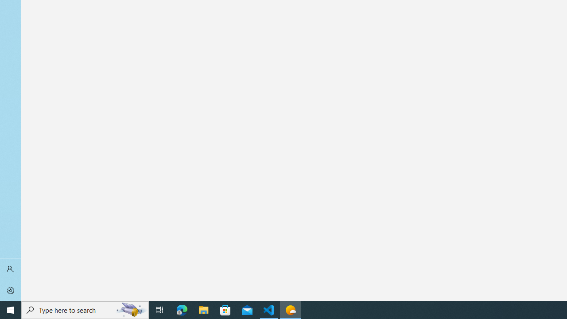  Describe the element at coordinates (11, 309) in the screenshot. I see `'Start'` at that location.